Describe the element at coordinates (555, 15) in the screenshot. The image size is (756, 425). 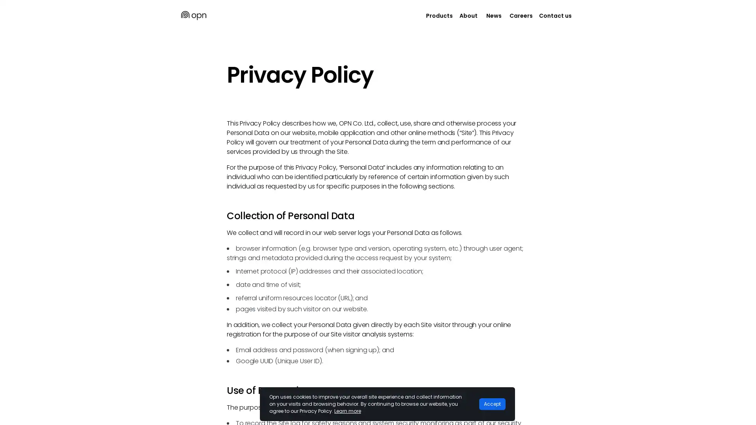
I see `Contact us` at that location.